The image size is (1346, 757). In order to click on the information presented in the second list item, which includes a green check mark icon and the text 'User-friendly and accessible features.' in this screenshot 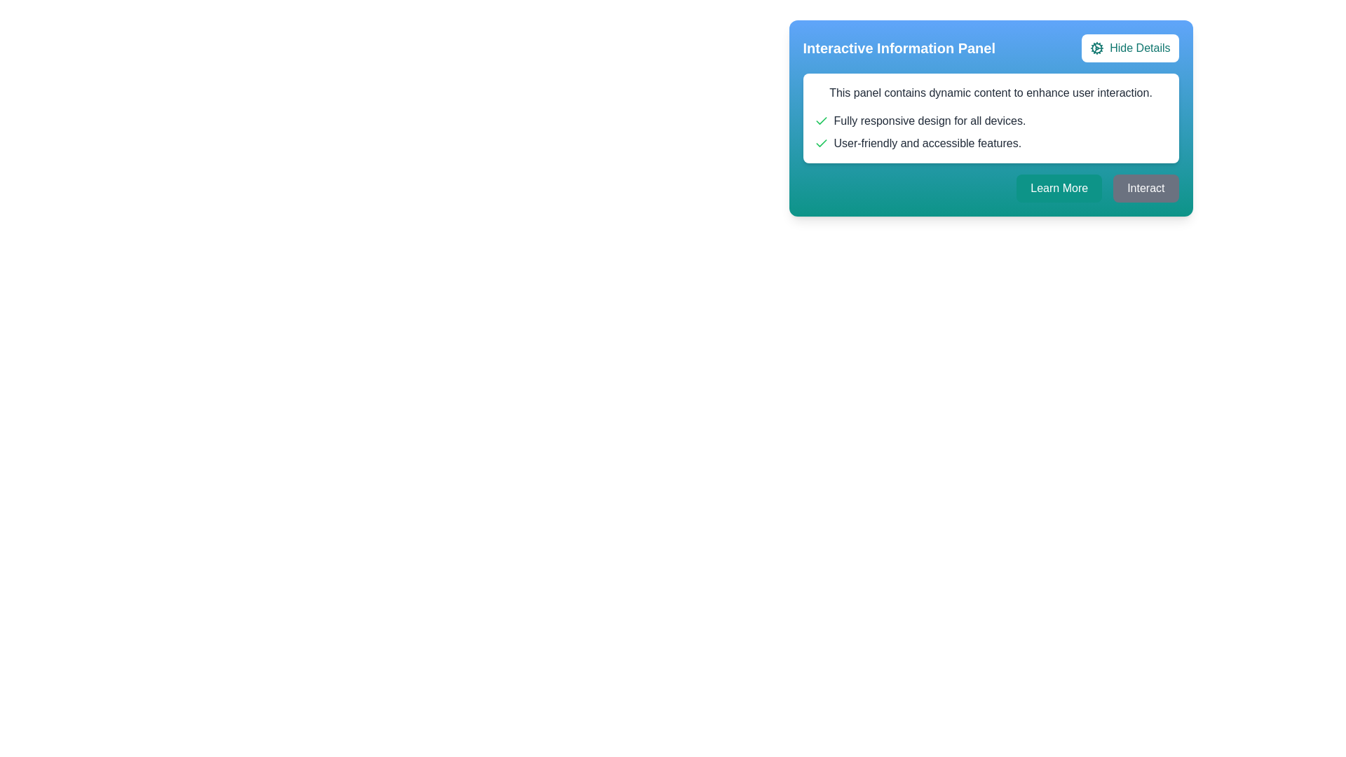, I will do `click(990, 143)`.